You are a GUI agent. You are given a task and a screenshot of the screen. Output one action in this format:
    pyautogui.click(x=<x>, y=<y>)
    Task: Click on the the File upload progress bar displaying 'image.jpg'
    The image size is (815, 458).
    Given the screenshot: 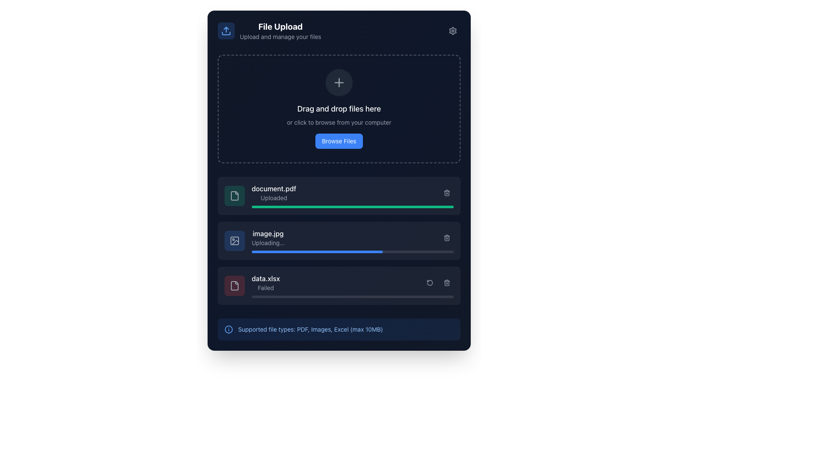 What is the action you would take?
    pyautogui.click(x=338, y=240)
    